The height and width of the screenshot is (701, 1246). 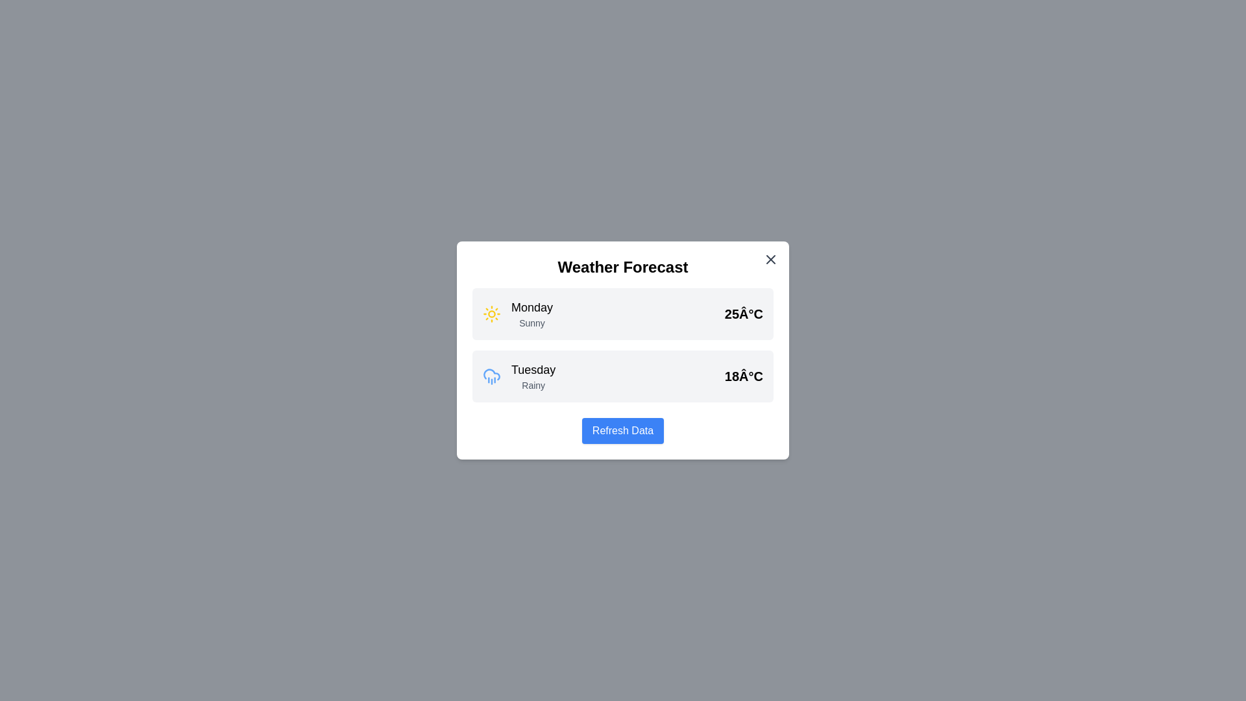 What do you see at coordinates (533, 376) in the screenshot?
I see `the text grouping displaying 'Tuesday' and the weather forecast 'Rainy' located in the weather forecast panel, to the right of the rain cloud icon and adjacent to '18°C'` at bounding box center [533, 376].